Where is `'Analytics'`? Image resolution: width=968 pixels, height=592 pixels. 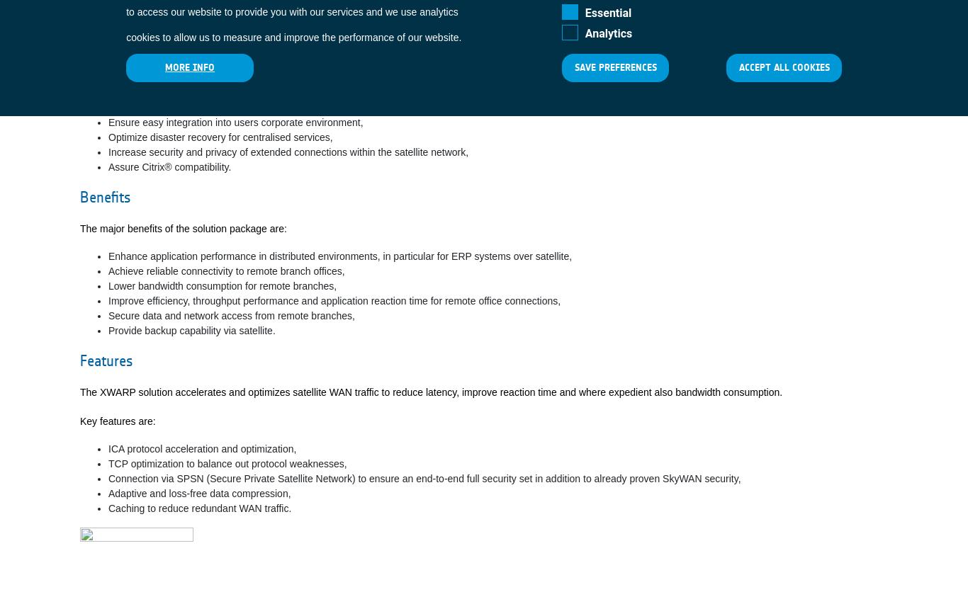
'Analytics' is located at coordinates (607, 33).